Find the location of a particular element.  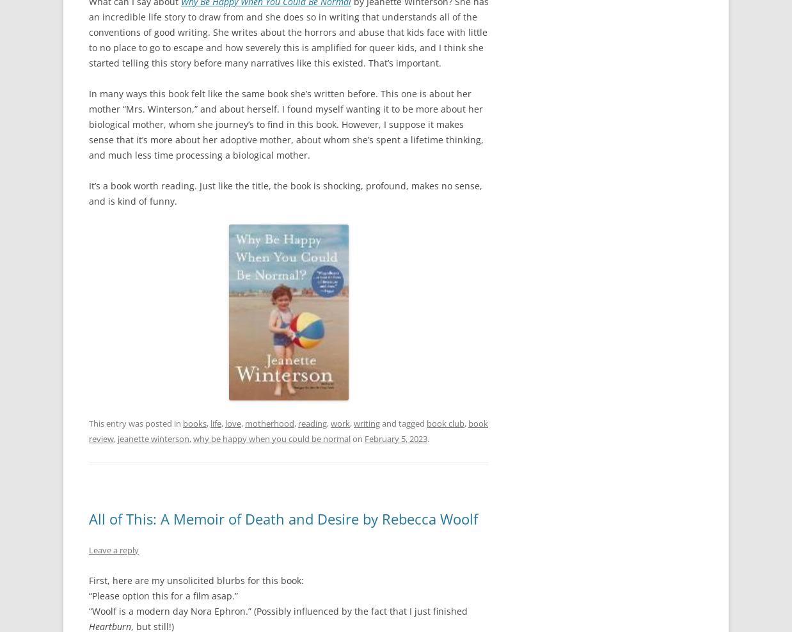

'.' is located at coordinates (427, 438).